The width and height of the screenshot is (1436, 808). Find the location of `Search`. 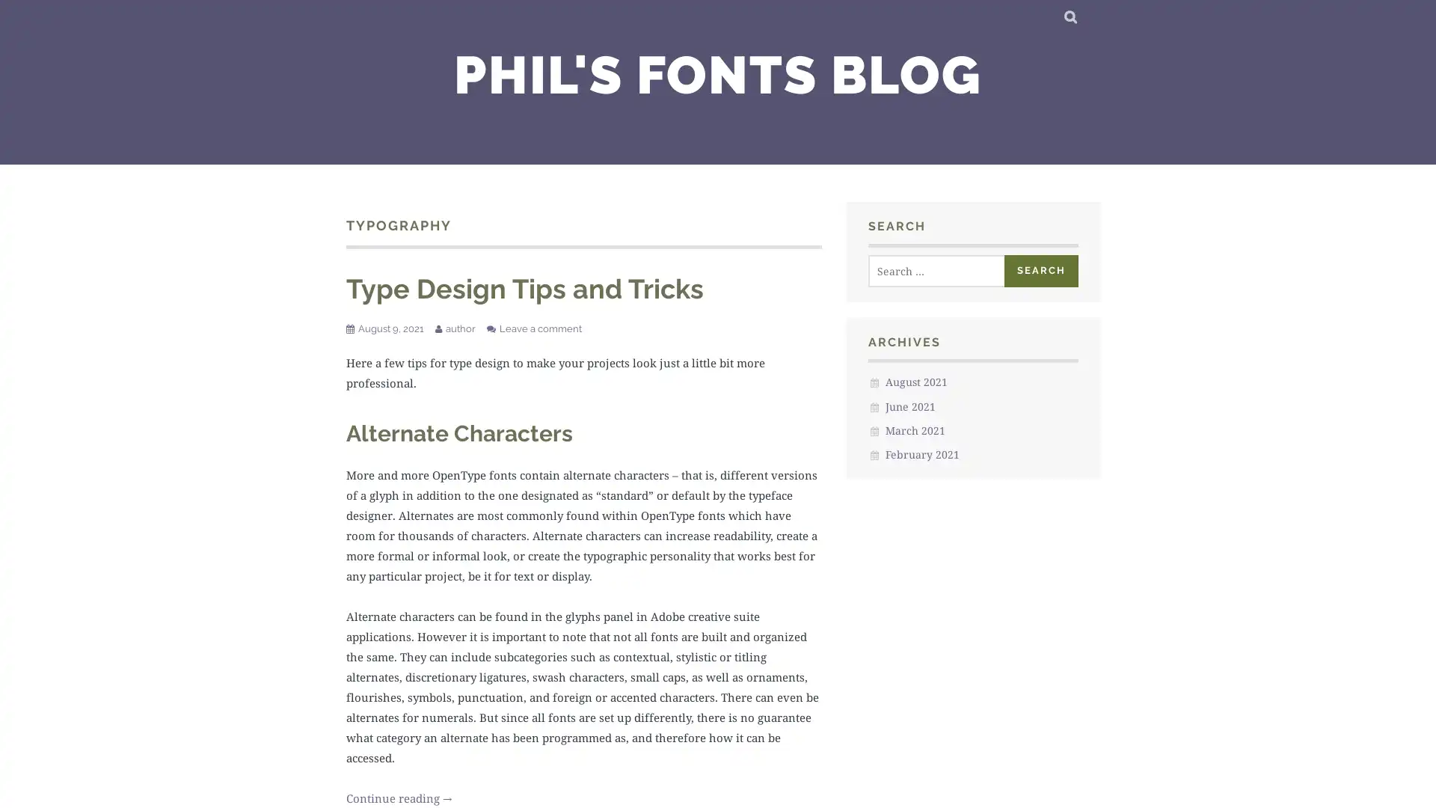

Search is located at coordinates (1040, 270).